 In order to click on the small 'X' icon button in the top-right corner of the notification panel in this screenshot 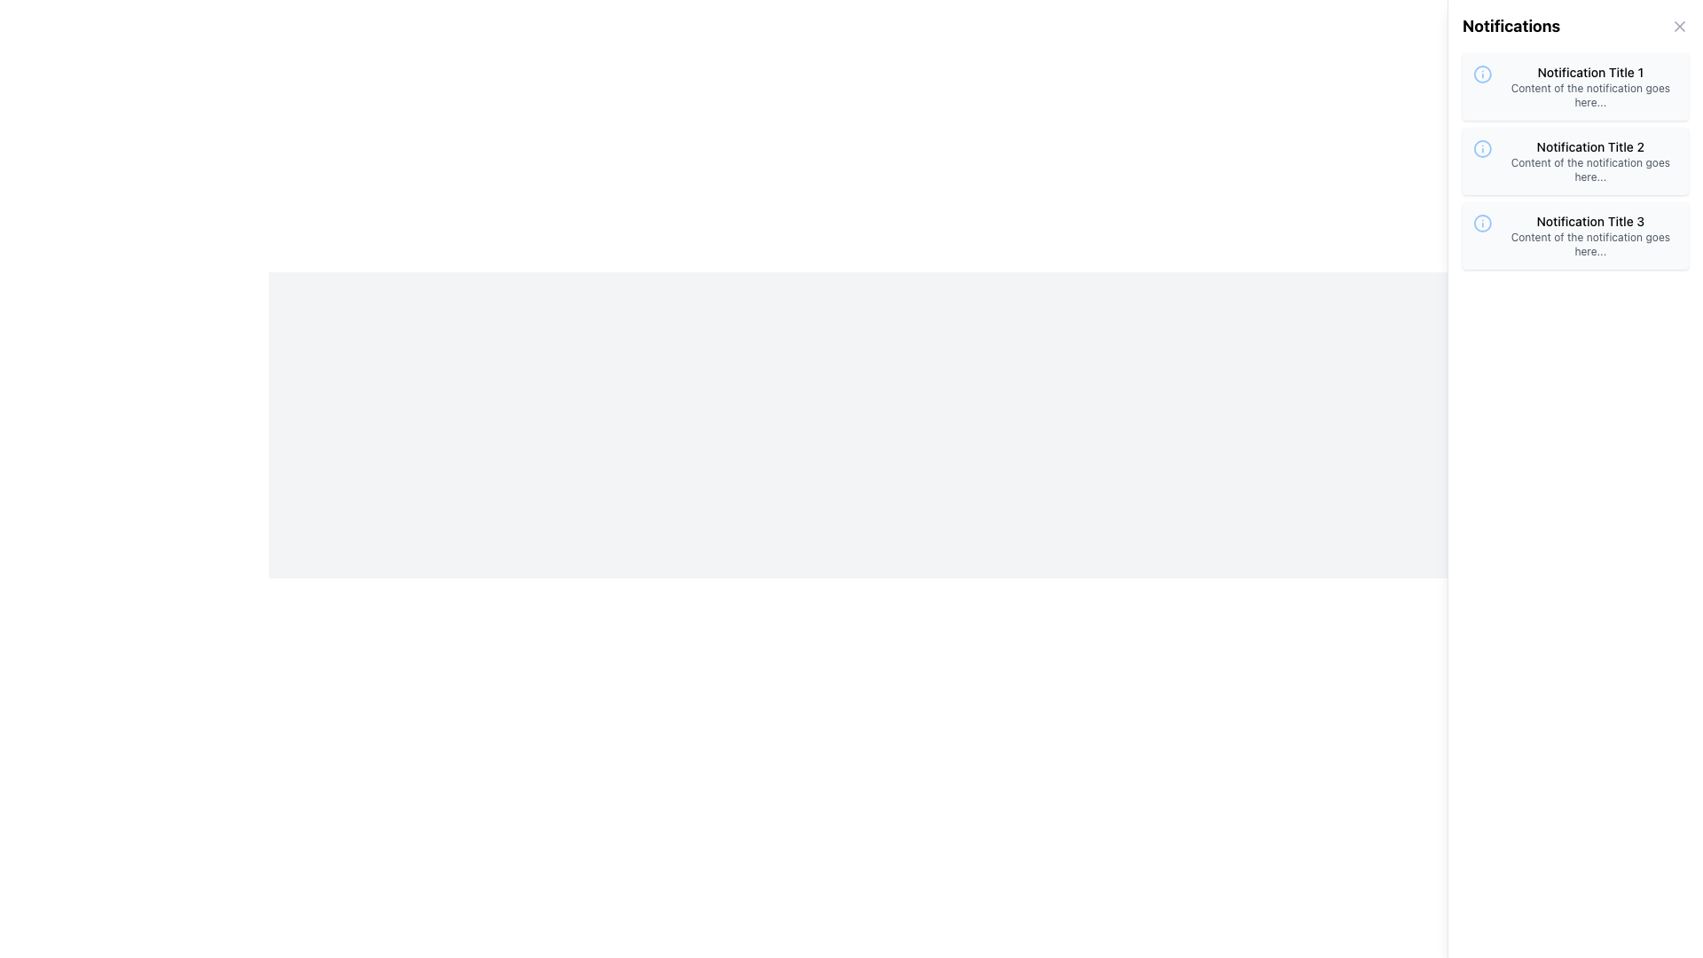, I will do `click(1679, 27)`.